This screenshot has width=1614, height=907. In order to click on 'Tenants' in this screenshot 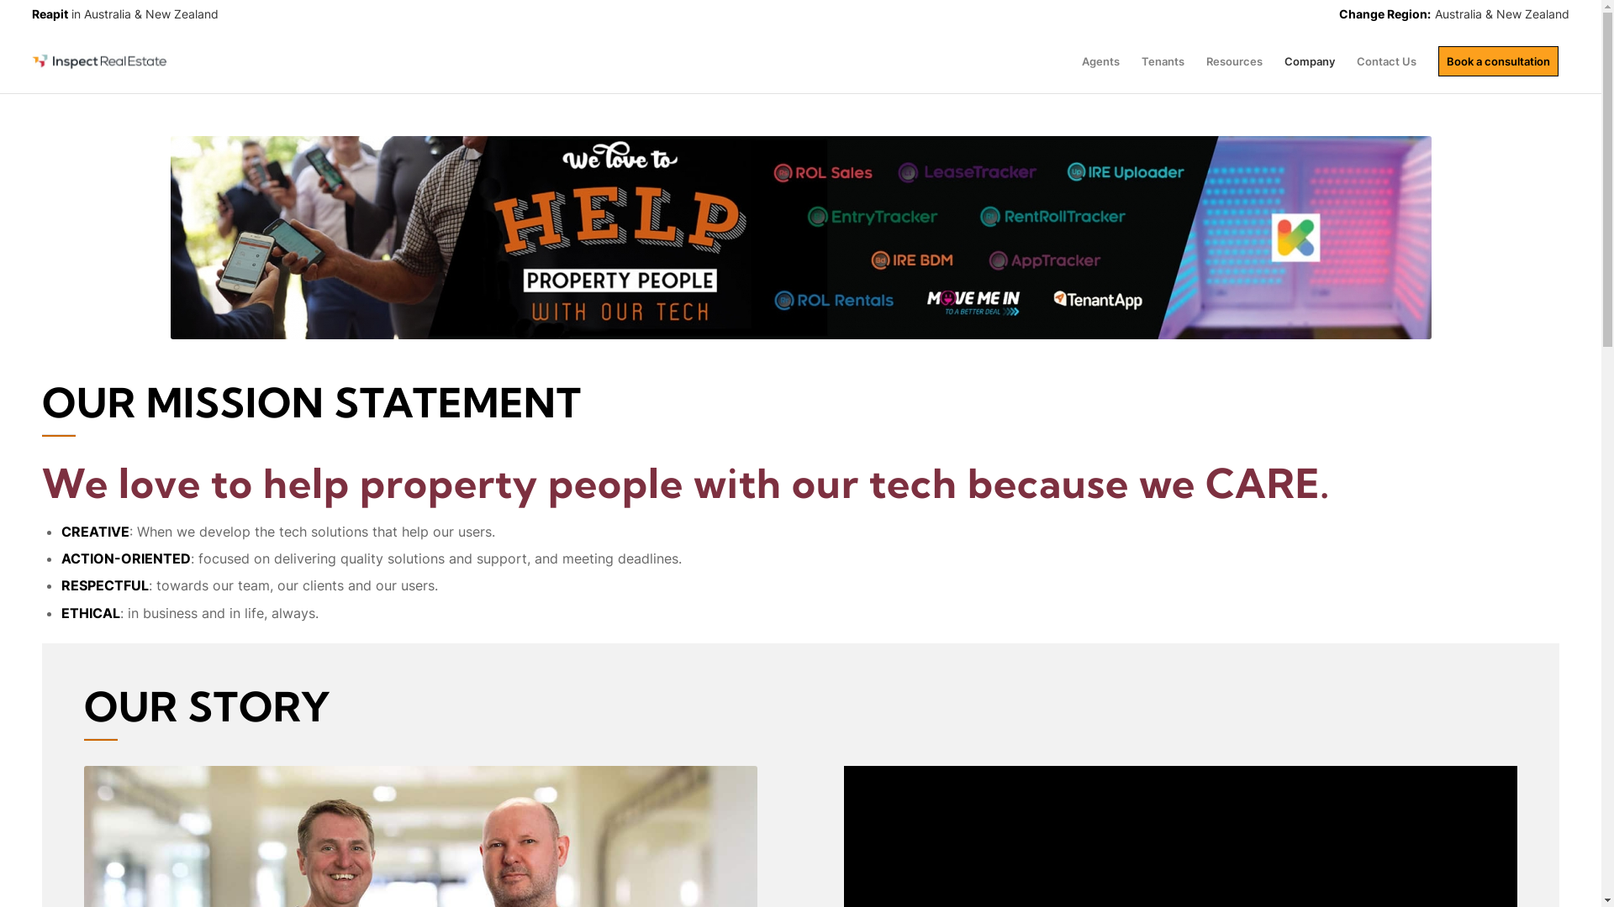, I will do `click(1162, 60)`.